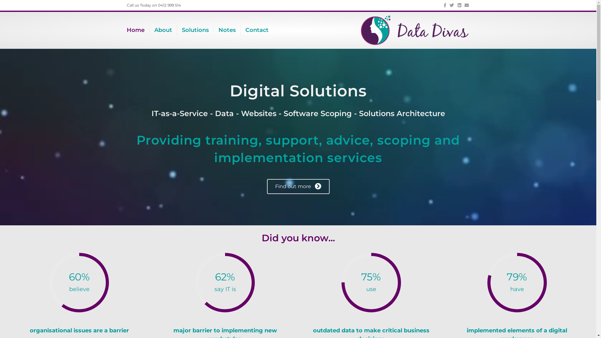  Describe the element at coordinates (458, 5) in the screenshot. I see `'Linkedin'` at that location.